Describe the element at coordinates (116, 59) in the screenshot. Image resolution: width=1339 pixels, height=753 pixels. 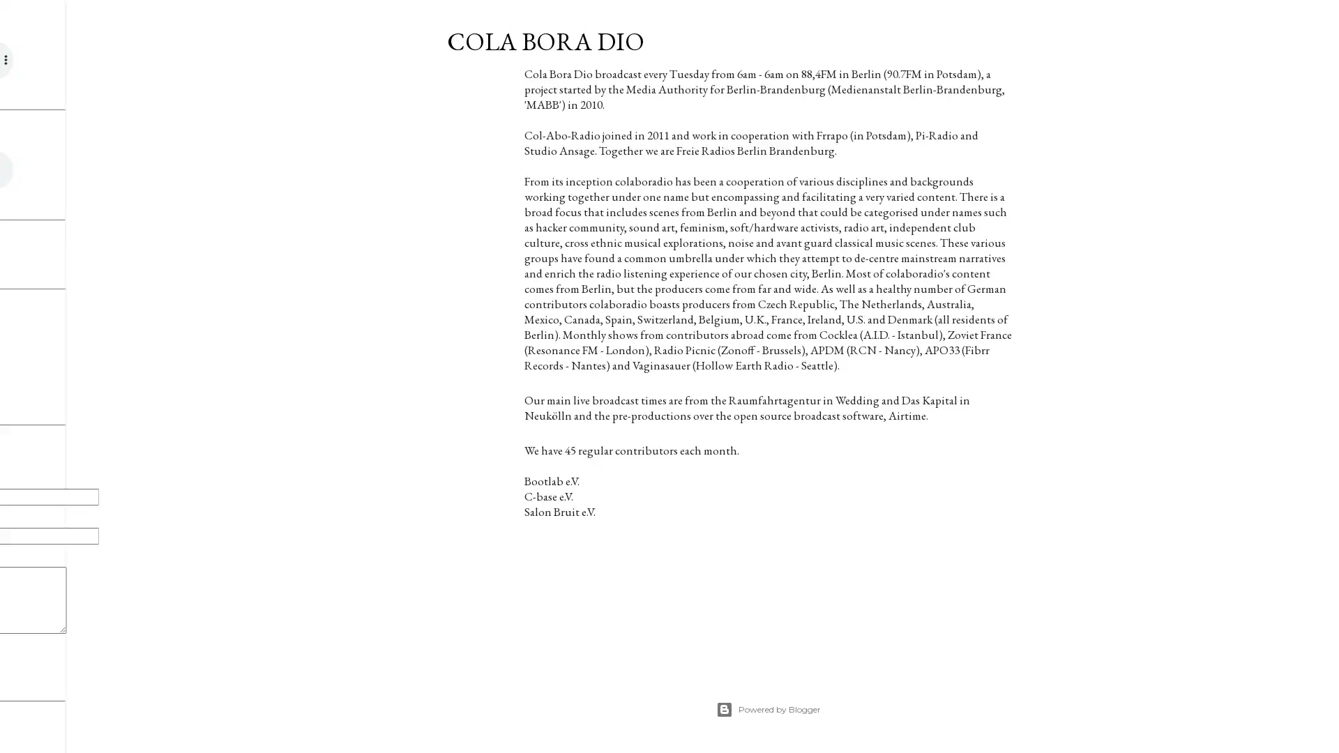
I see `mute` at that location.